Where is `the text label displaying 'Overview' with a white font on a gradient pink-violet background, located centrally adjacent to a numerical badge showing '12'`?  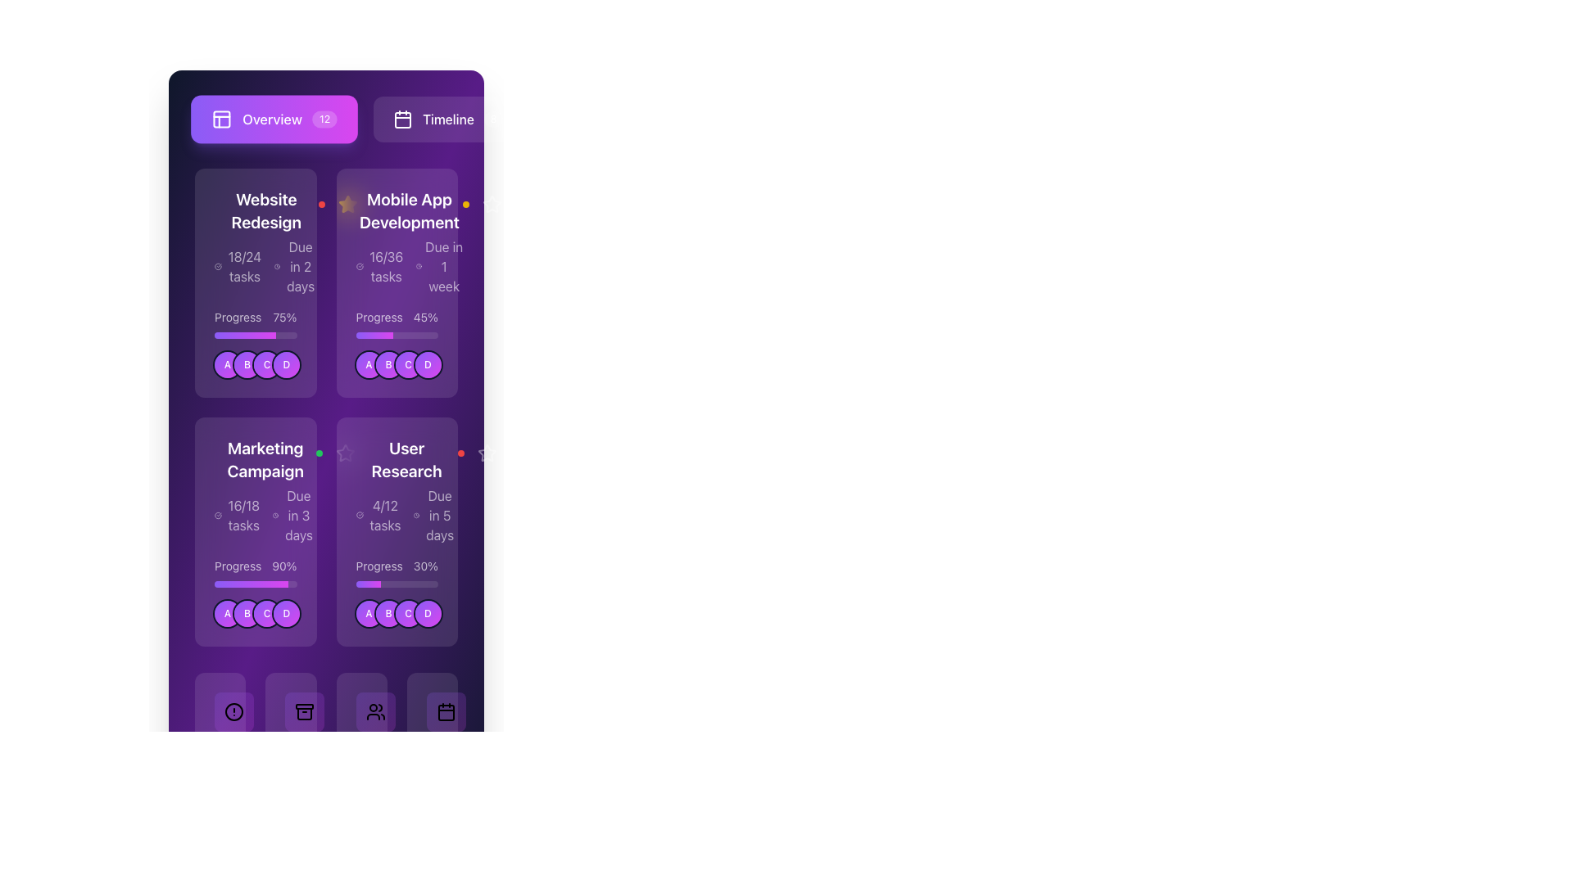
the text label displaying 'Overview' with a white font on a gradient pink-violet background, located centrally adjacent to a numerical badge showing '12' is located at coordinates (272, 119).